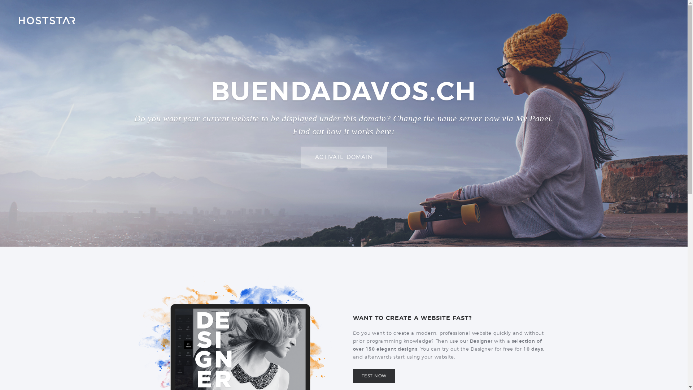 The height and width of the screenshot is (390, 693). I want to click on 'ACTIVATE DOMAIN', so click(343, 157).